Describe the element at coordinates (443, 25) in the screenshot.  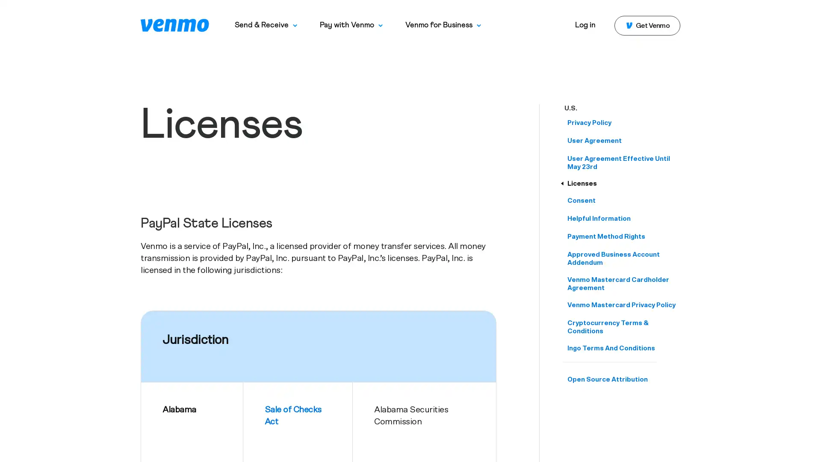
I see `Venmo for Business` at that location.